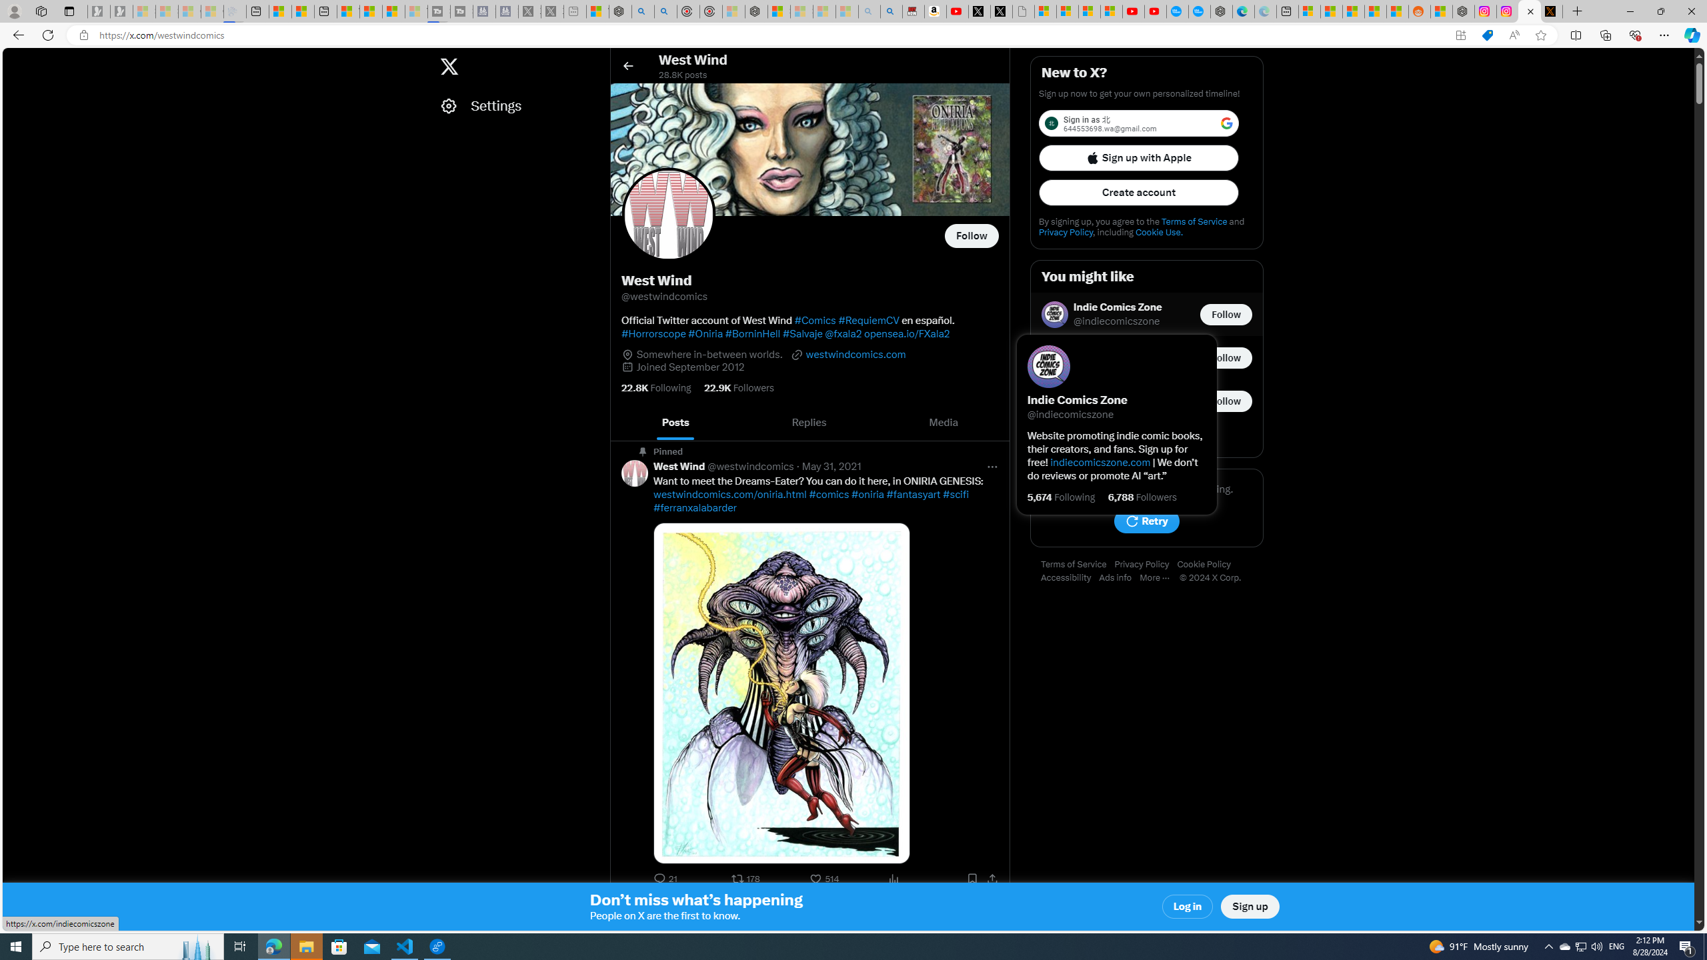 The image size is (1707, 960). I want to click on 'Retry', so click(1147, 521).